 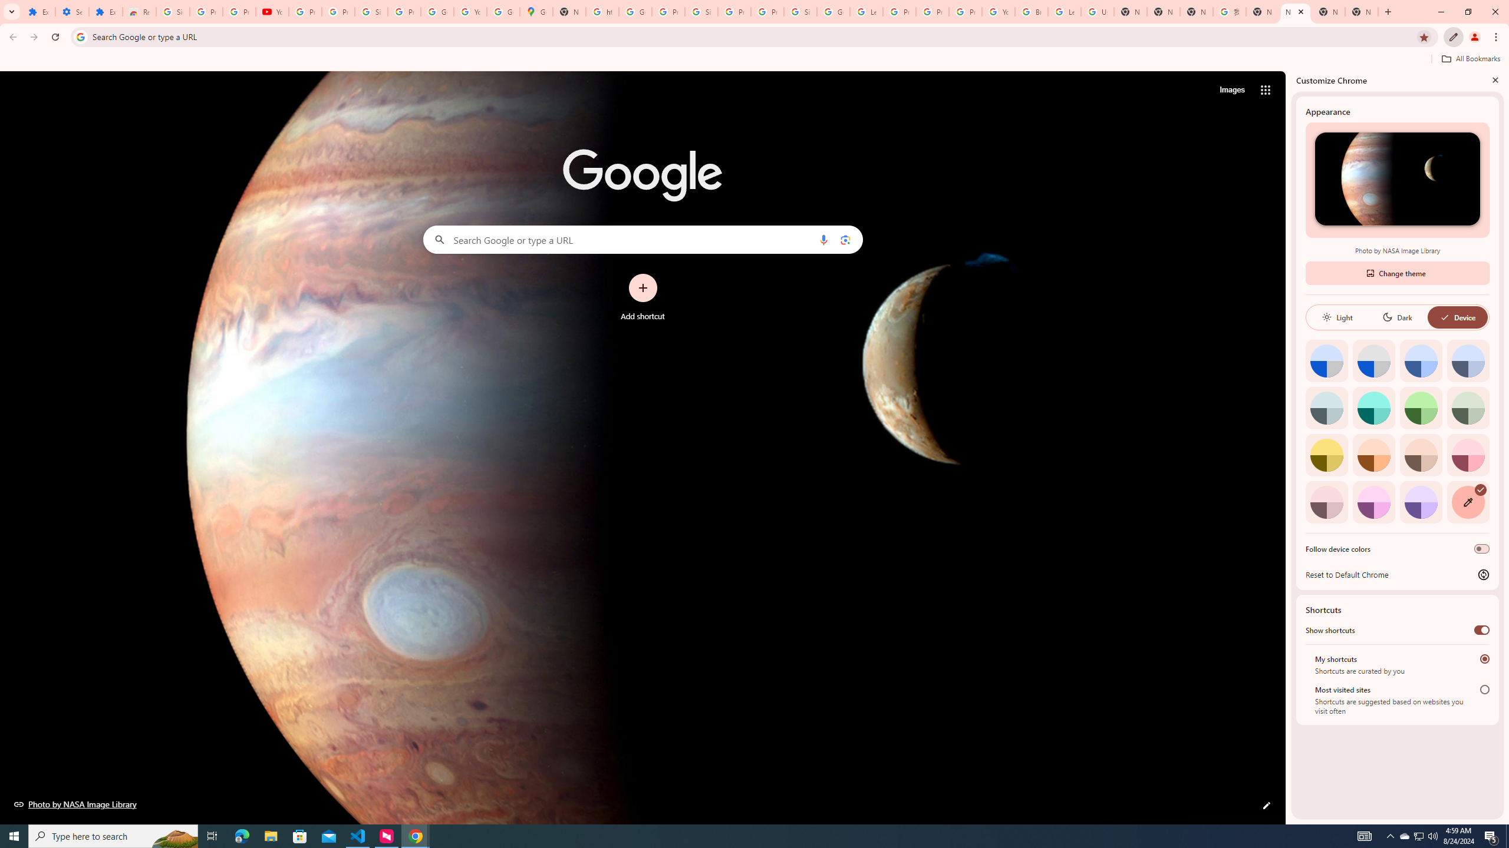 What do you see at coordinates (1288, 446) in the screenshot?
I see `'Side Panel Resize Handle'` at bounding box center [1288, 446].